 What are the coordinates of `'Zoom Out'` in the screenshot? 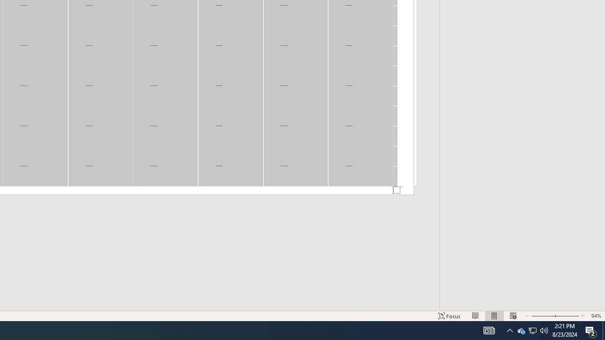 It's located at (533, 330).